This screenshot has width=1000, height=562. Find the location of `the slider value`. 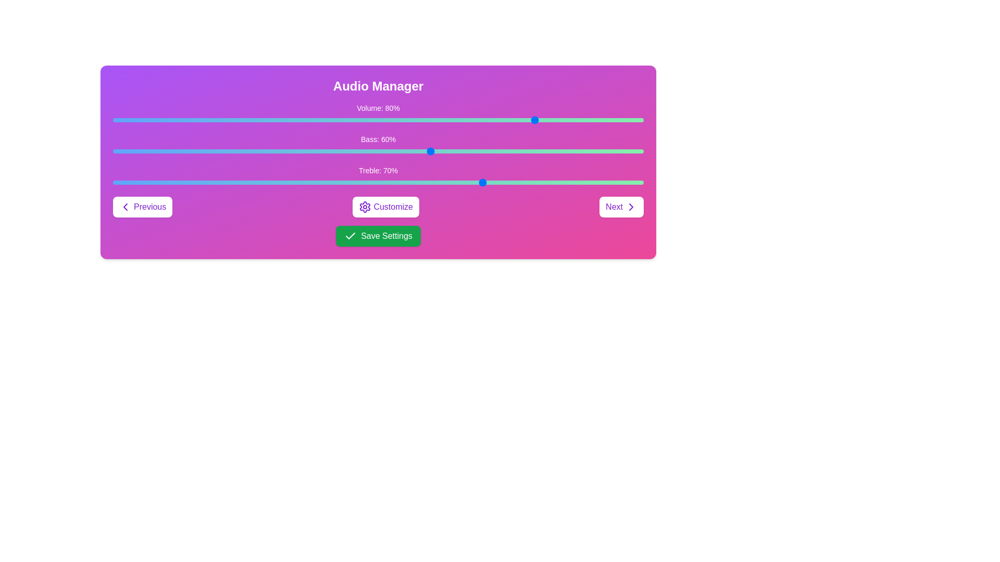

the slider value is located at coordinates (113, 120).